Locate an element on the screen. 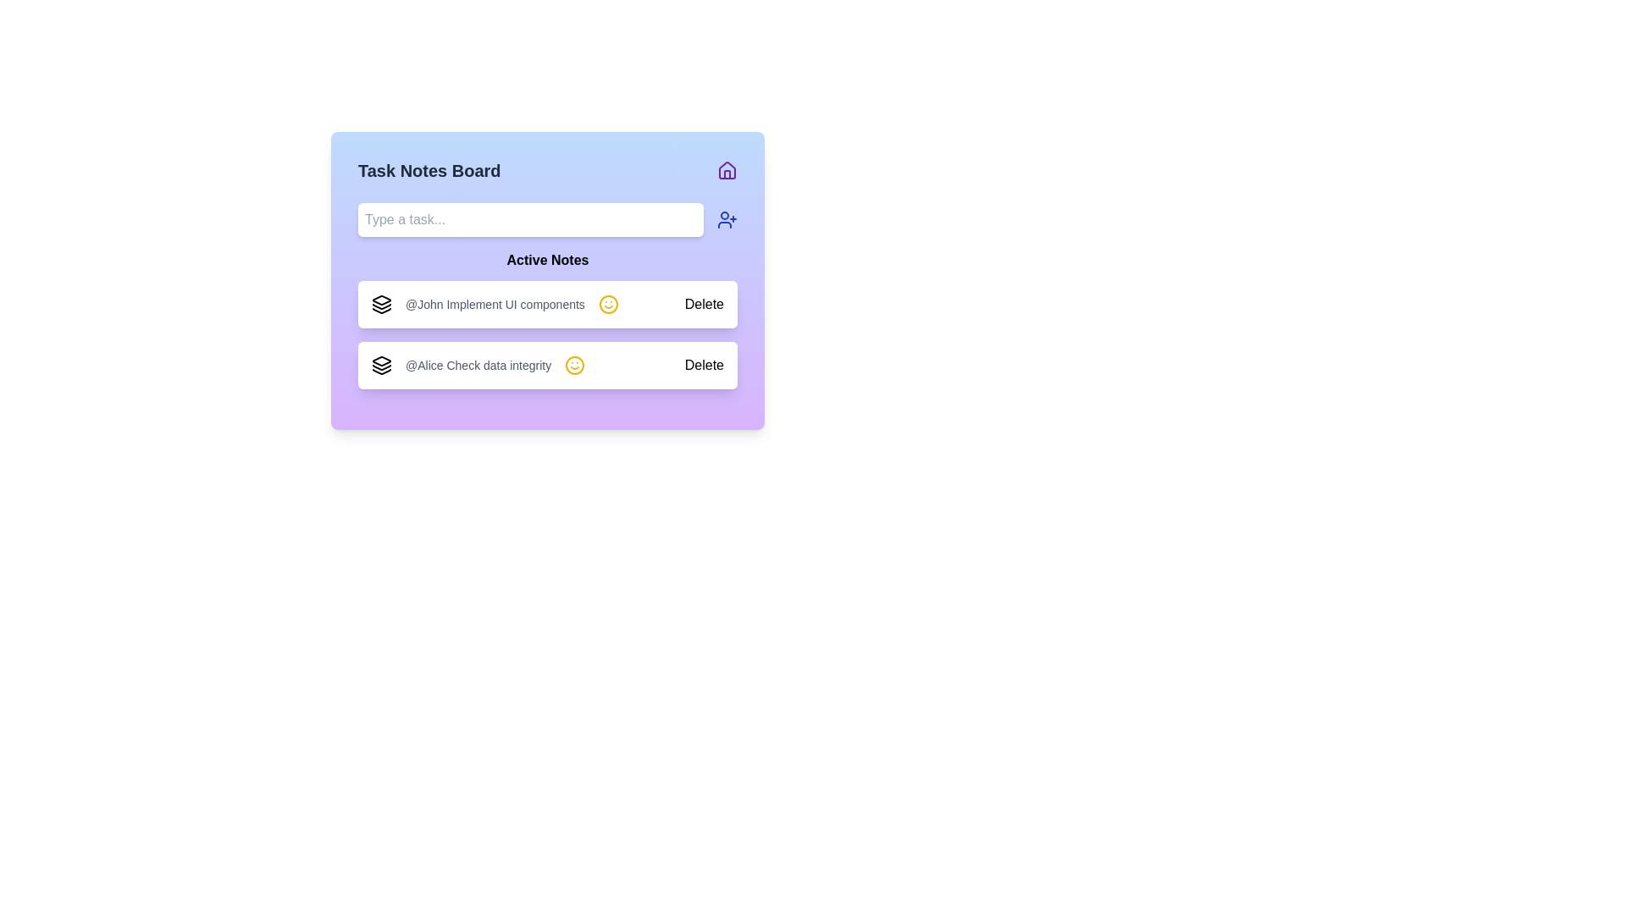 The image size is (1626, 914). the task note entry labeled '@Alice Check data integrity' is located at coordinates (548, 365).